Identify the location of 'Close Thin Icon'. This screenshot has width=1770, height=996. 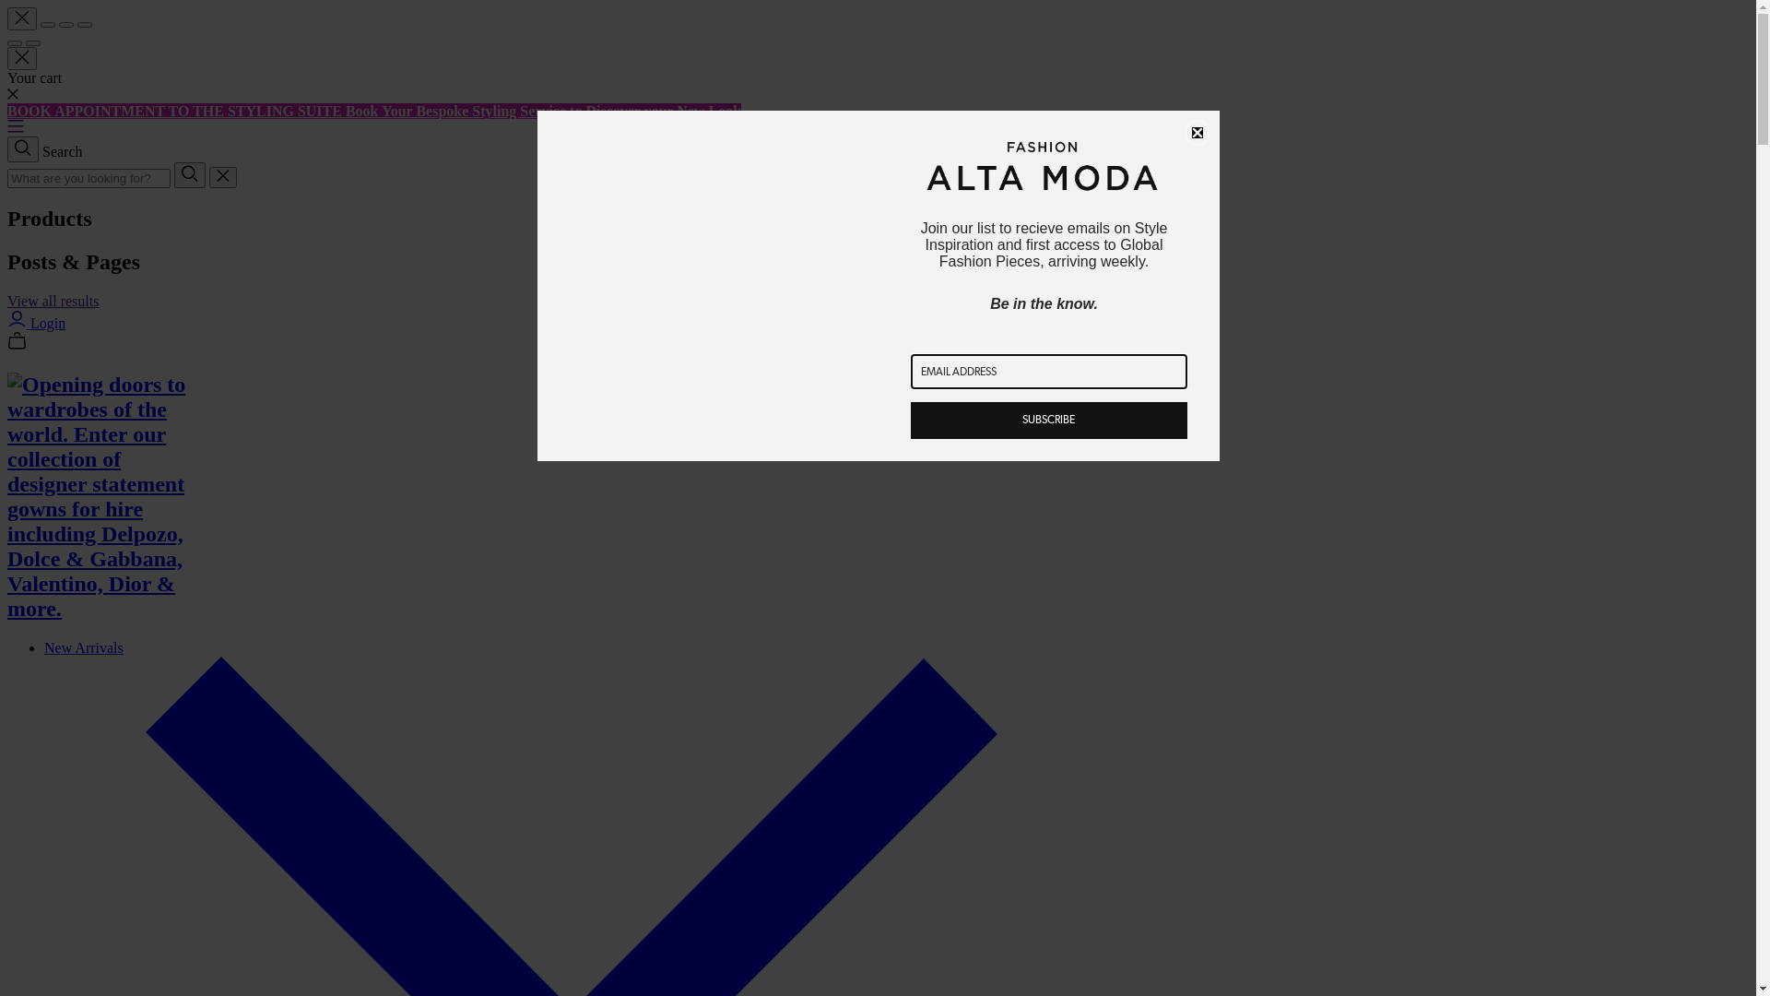
(22, 57).